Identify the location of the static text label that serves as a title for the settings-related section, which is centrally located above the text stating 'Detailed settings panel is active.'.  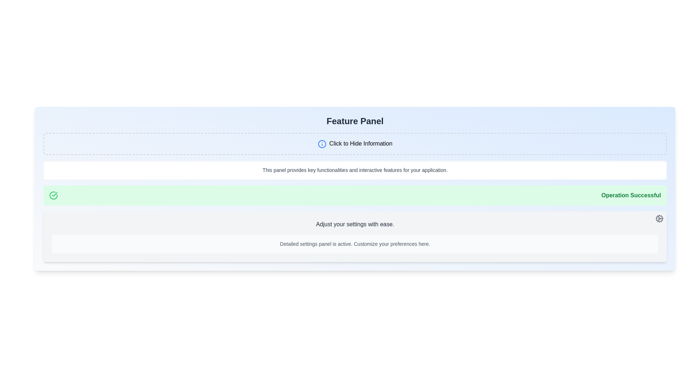
(355, 224).